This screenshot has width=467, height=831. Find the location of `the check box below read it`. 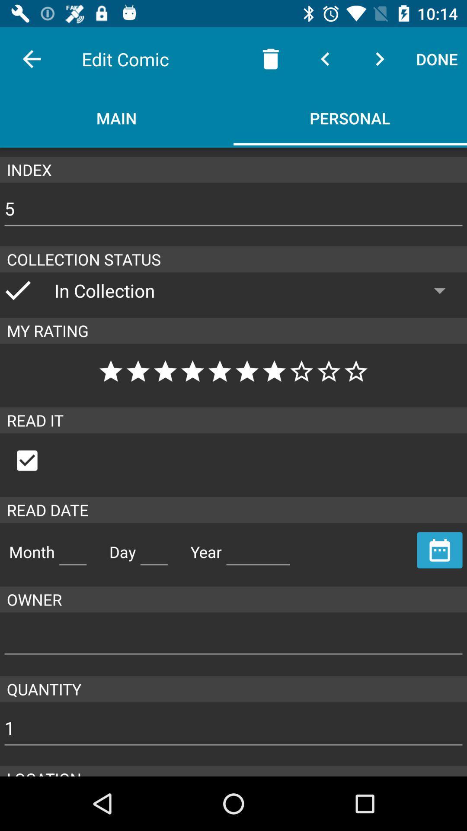

the check box below read it is located at coordinates (36, 460).